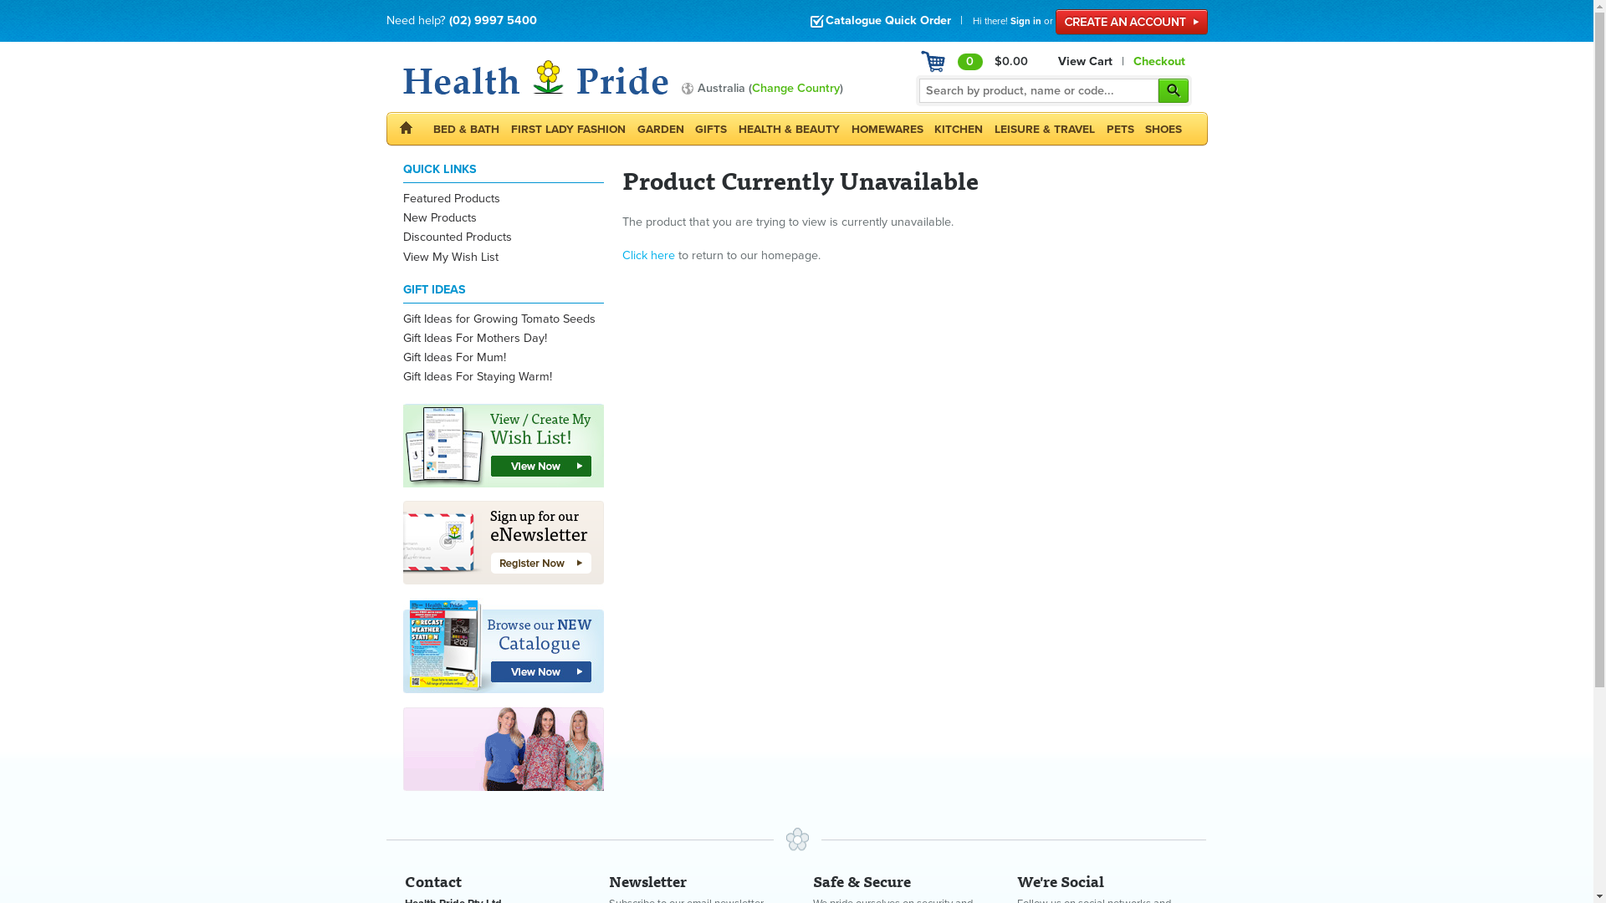 The width and height of the screenshot is (1606, 903). Describe the element at coordinates (402, 376) in the screenshot. I see `'Gift Ideas For Staying Warm!'` at that location.